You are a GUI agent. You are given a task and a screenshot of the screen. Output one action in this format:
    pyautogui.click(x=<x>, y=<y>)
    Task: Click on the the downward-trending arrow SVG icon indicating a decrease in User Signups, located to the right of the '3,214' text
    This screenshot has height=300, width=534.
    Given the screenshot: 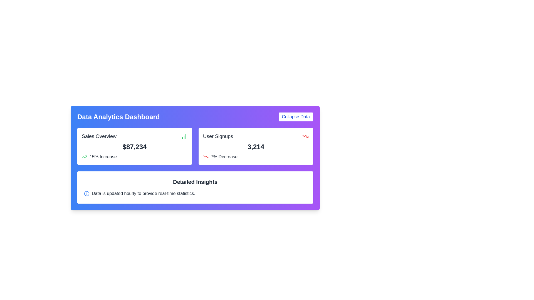 What is the action you would take?
    pyautogui.click(x=305, y=136)
    